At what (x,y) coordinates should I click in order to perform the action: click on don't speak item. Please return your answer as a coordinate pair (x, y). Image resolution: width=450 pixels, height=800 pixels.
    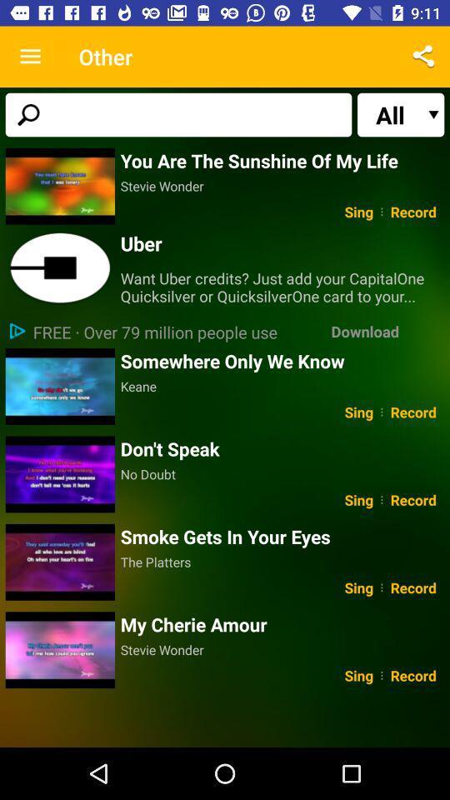
    Looking at the image, I should click on (282, 447).